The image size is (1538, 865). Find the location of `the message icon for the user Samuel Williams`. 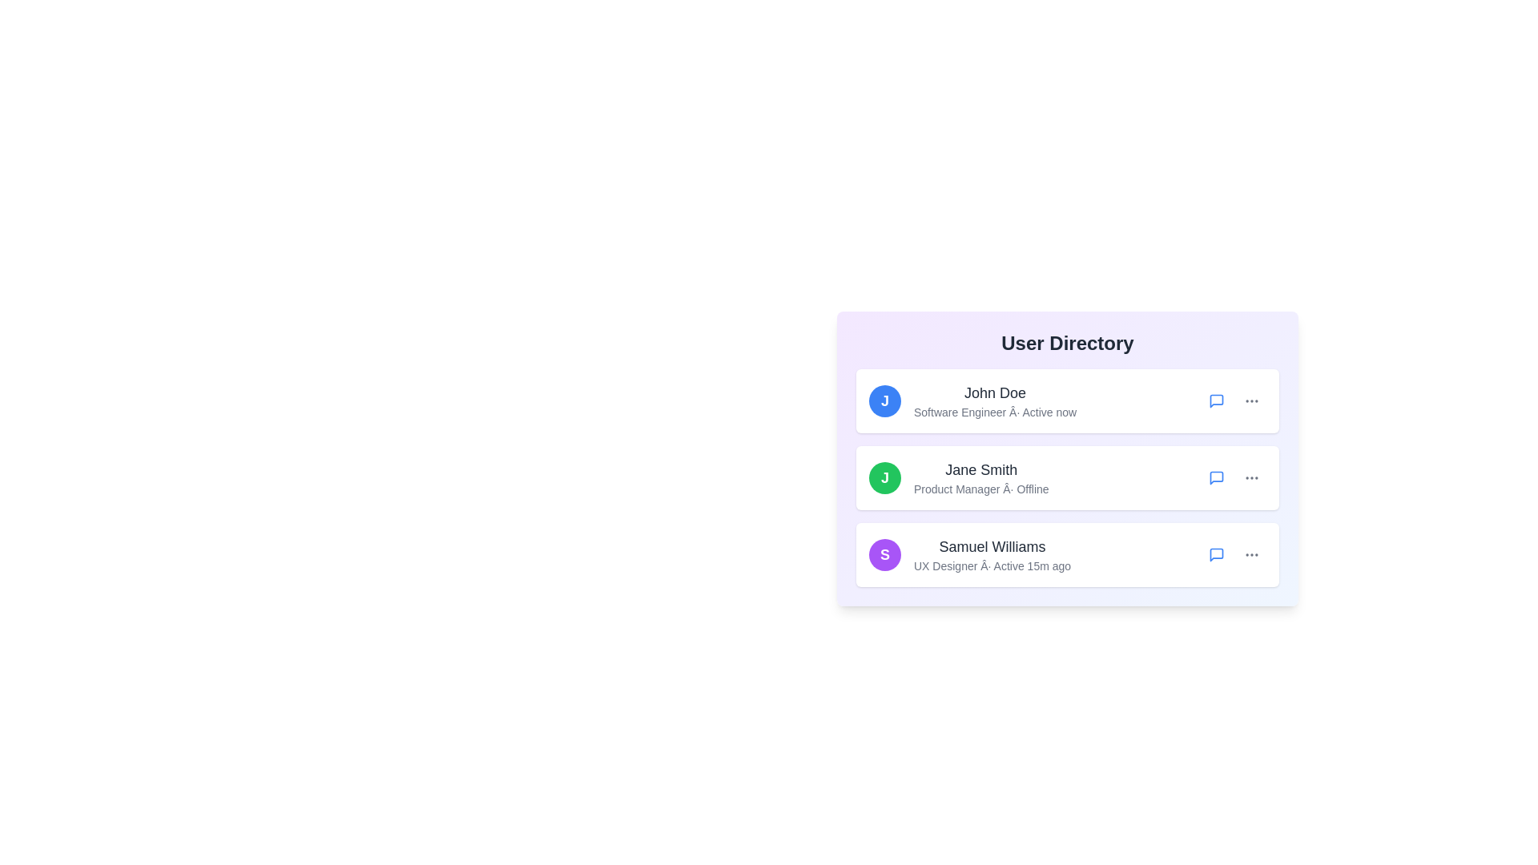

the message icon for the user Samuel Williams is located at coordinates (1216, 554).